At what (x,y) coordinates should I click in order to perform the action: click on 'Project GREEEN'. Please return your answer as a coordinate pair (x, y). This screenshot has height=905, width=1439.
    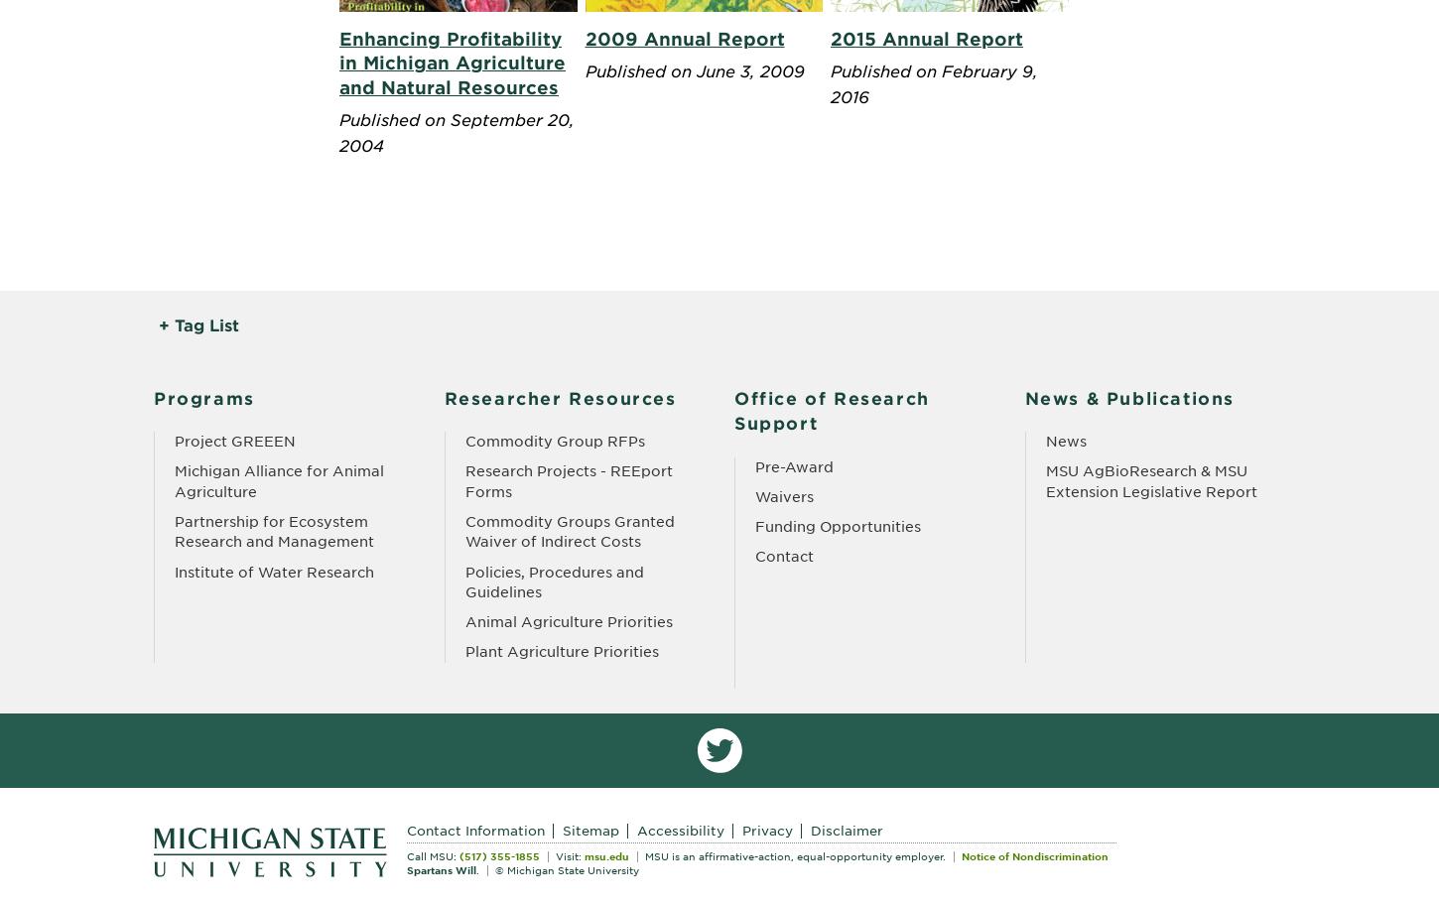
    Looking at the image, I should click on (174, 440).